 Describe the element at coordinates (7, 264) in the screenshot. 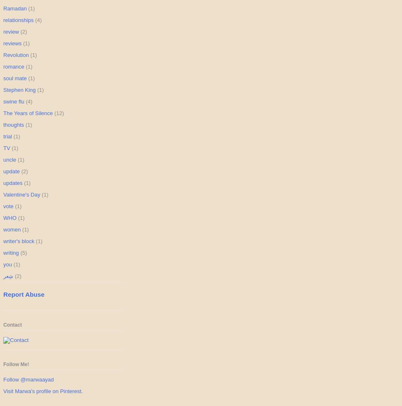

I see `'you'` at that location.